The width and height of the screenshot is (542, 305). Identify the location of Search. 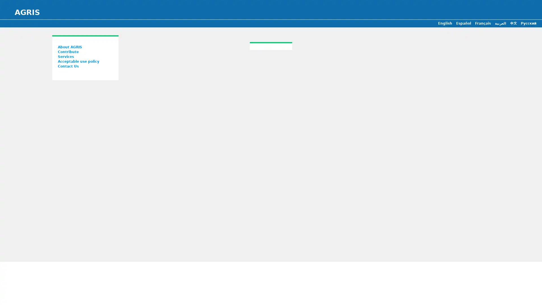
(275, 135).